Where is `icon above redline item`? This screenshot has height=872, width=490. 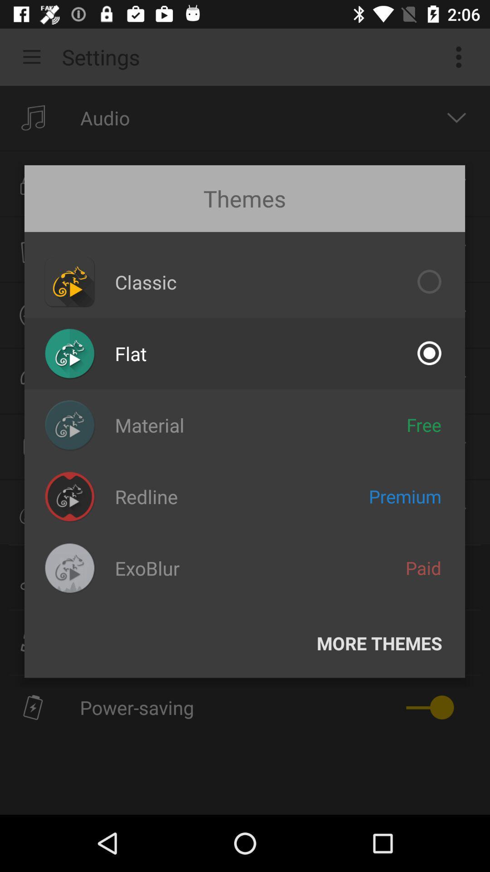
icon above redline item is located at coordinates (149, 425).